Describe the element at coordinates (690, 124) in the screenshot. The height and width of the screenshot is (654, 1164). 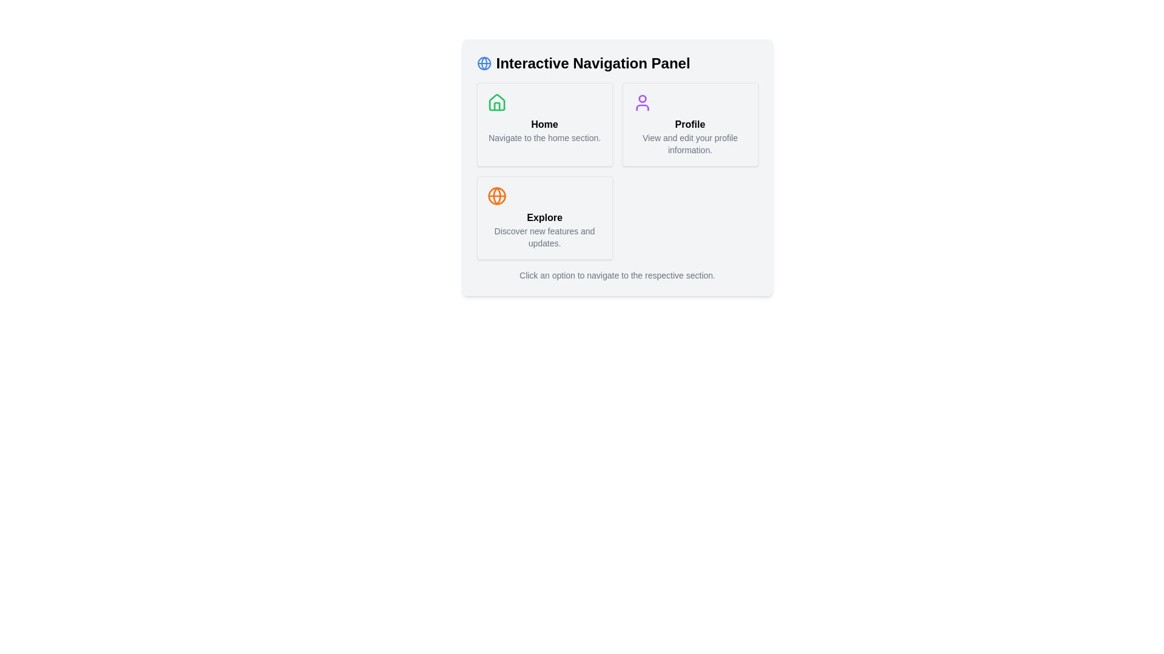
I see `the 'Profile' button` at that location.